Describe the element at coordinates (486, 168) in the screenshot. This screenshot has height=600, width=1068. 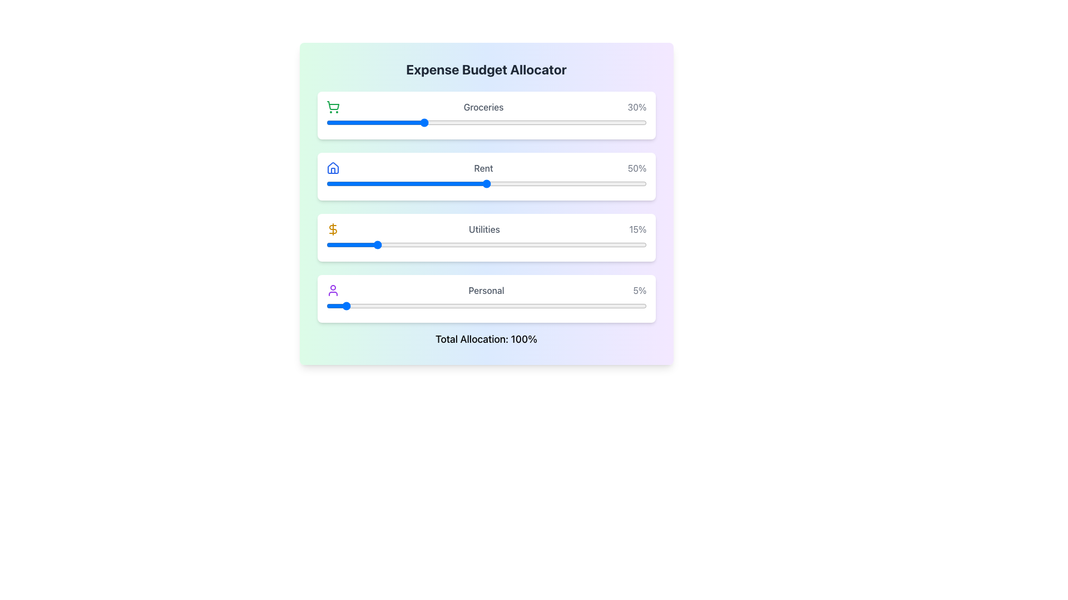
I see `the 'Rent' expense category label and value display section, which features a blue house icon on the left and is centrally aligned within the card` at that location.